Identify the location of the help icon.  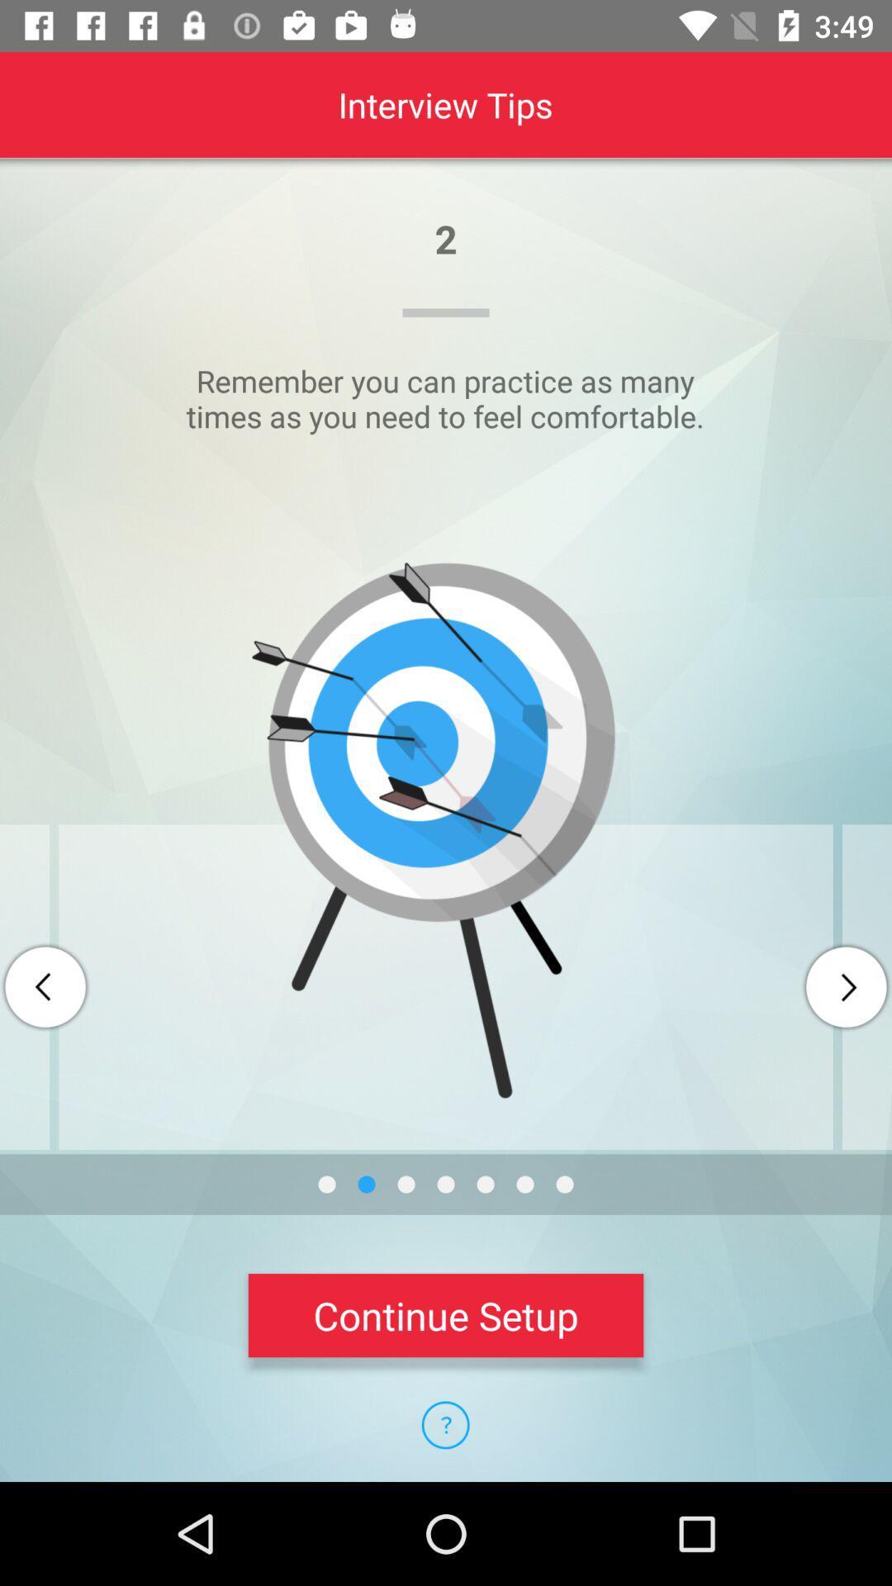
(444, 1424).